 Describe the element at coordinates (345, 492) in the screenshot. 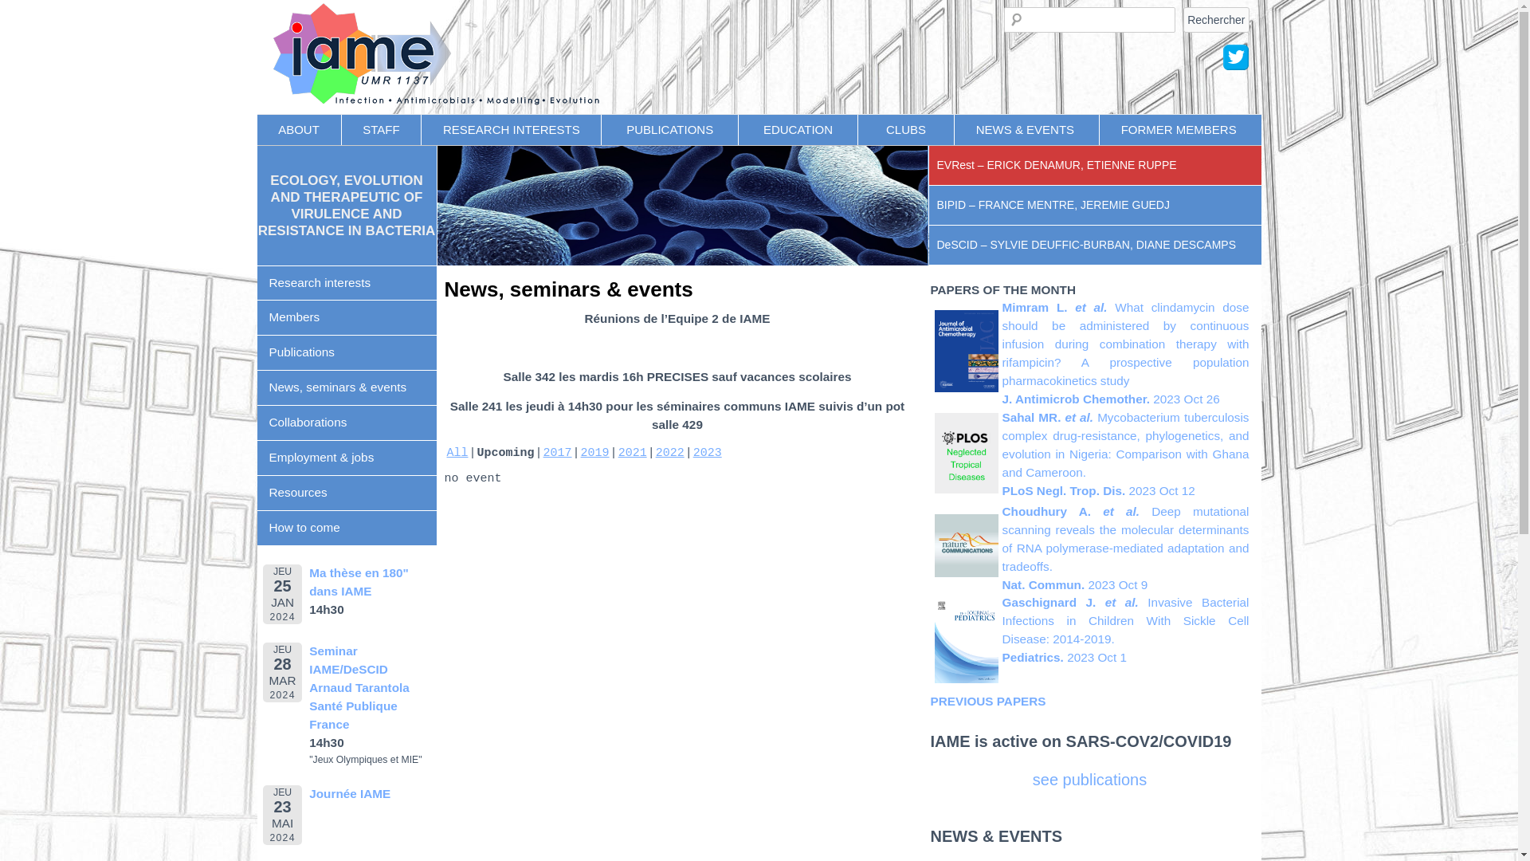

I see `'Resources'` at that location.